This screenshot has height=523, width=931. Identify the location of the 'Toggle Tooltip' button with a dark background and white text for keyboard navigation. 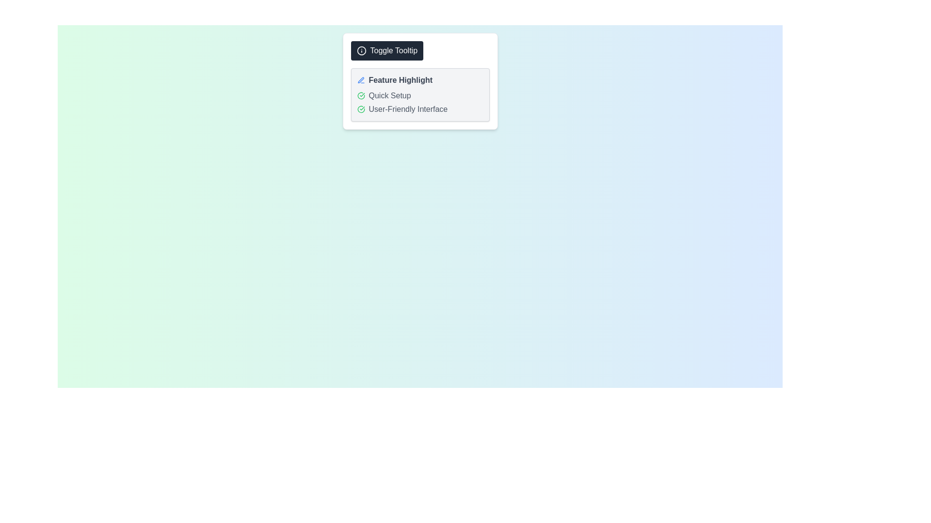
(386, 50).